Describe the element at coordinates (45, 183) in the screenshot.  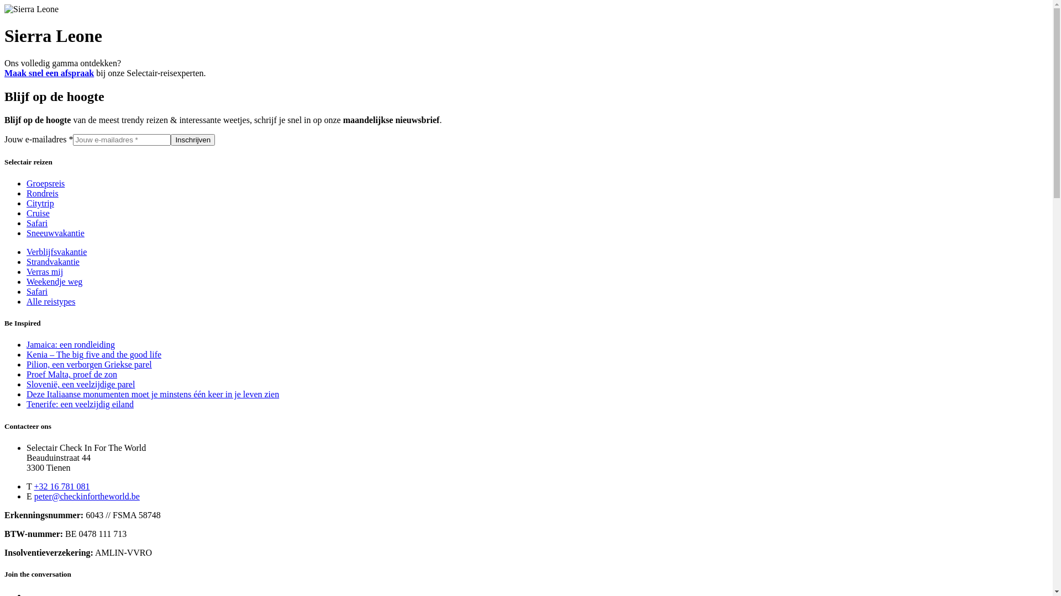
I see `'Groepsreis'` at that location.